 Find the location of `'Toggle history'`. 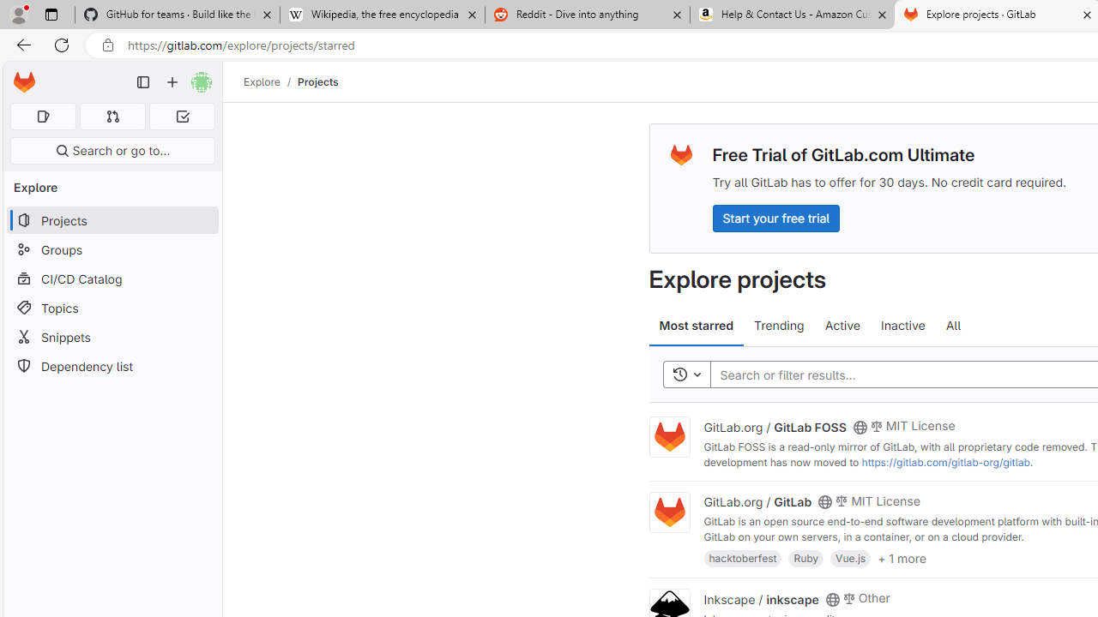

'Toggle history' is located at coordinates (686, 374).